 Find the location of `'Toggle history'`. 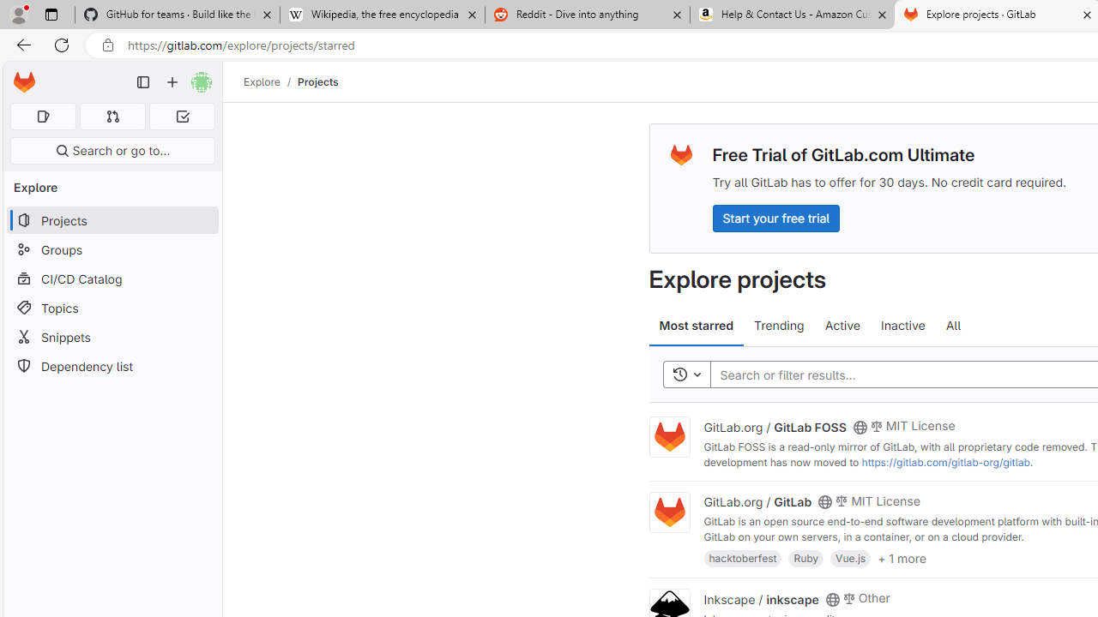

'Toggle history' is located at coordinates (686, 374).